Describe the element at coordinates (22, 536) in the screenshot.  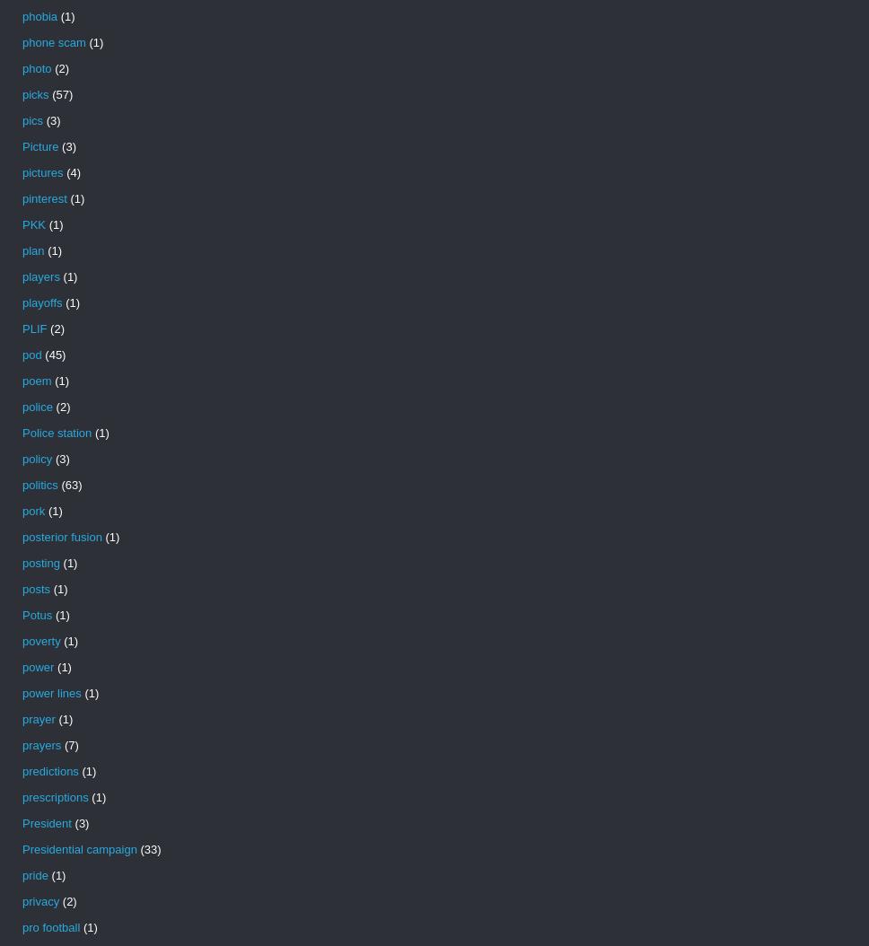
I see `'posterior fusion'` at that location.